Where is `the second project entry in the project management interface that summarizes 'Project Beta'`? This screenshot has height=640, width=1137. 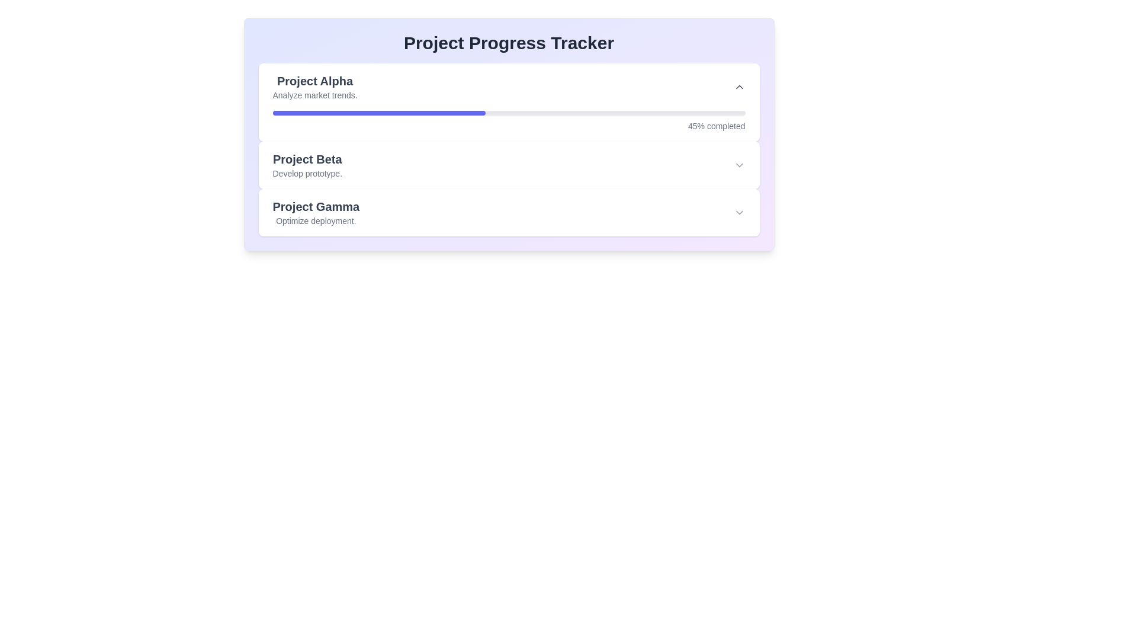 the second project entry in the project management interface that summarizes 'Project Beta' is located at coordinates (509, 149).